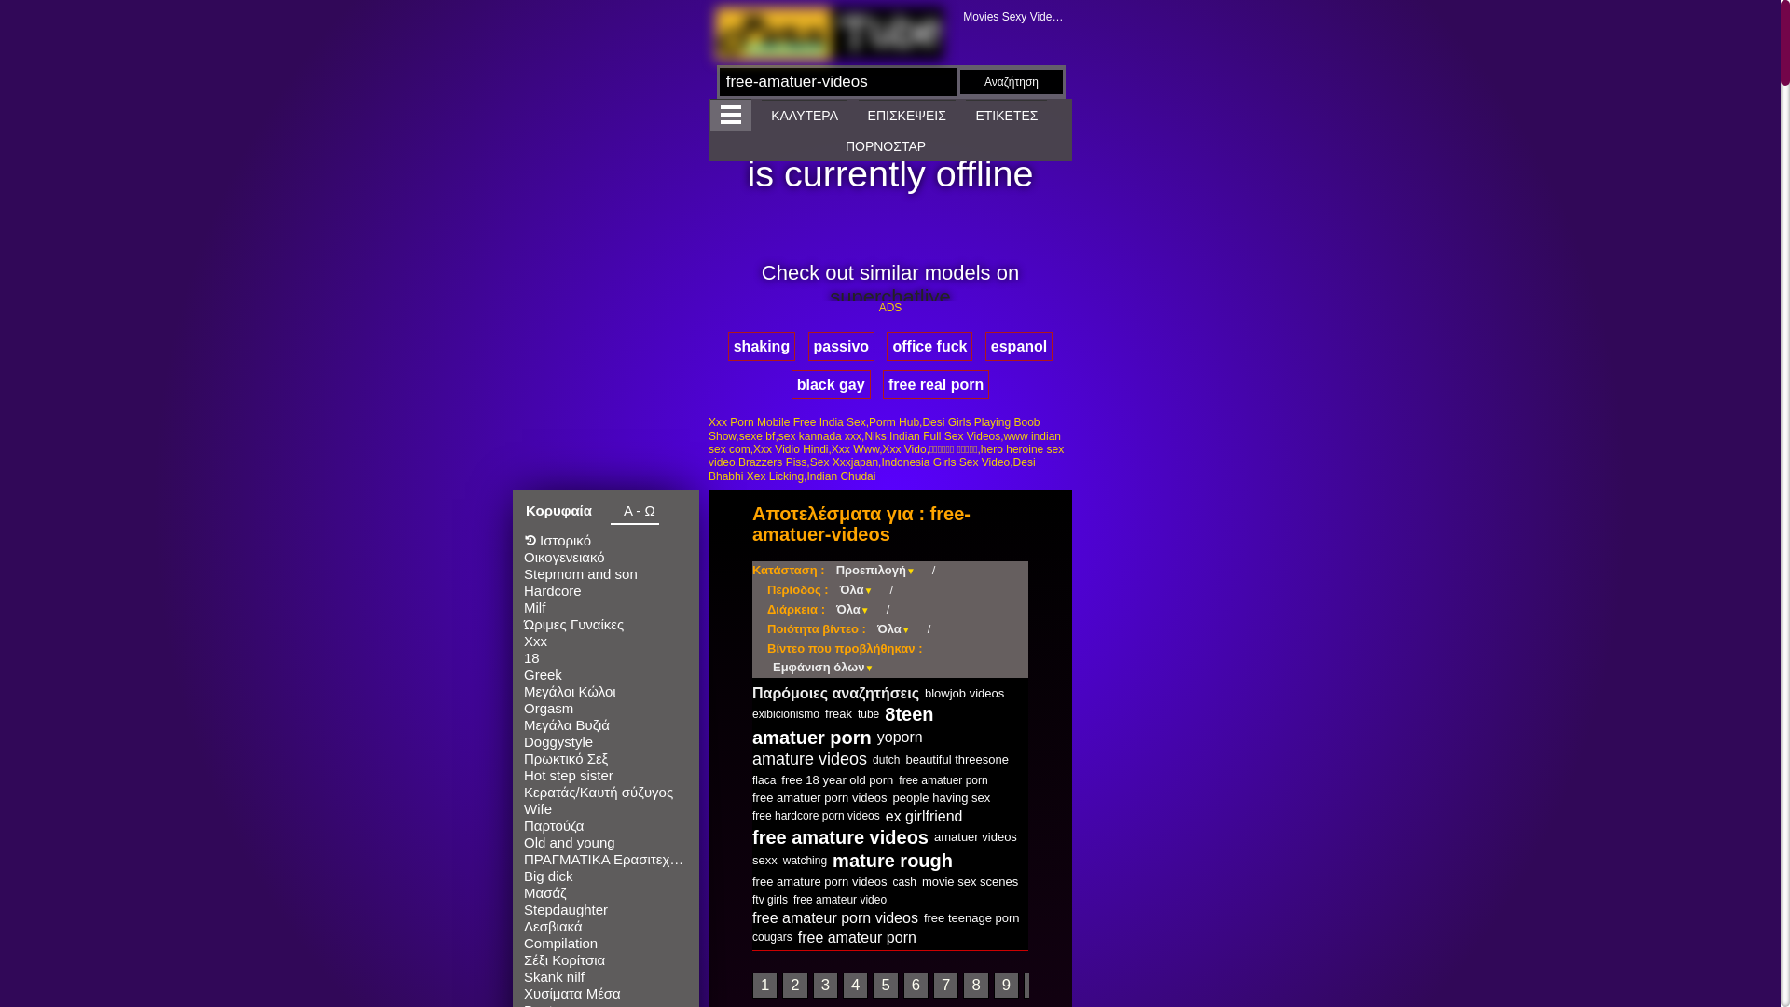  Describe the element at coordinates (522, 943) in the screenshot. I see `'Compilation'` at that location.